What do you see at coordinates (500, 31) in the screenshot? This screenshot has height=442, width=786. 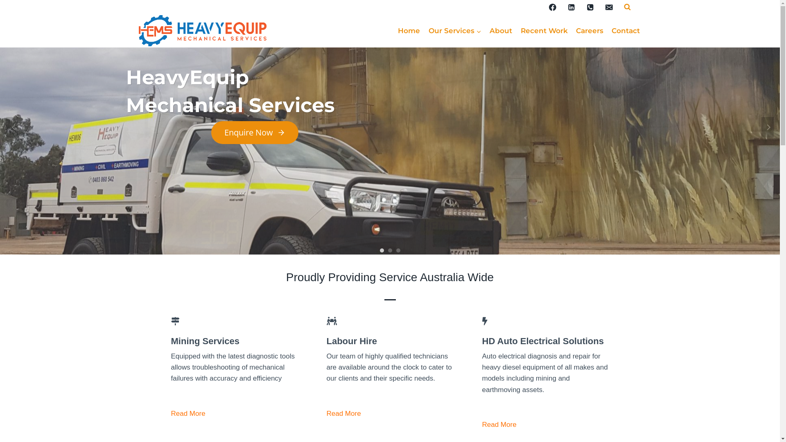 I see `'About'` at bounding box center [500, 31].